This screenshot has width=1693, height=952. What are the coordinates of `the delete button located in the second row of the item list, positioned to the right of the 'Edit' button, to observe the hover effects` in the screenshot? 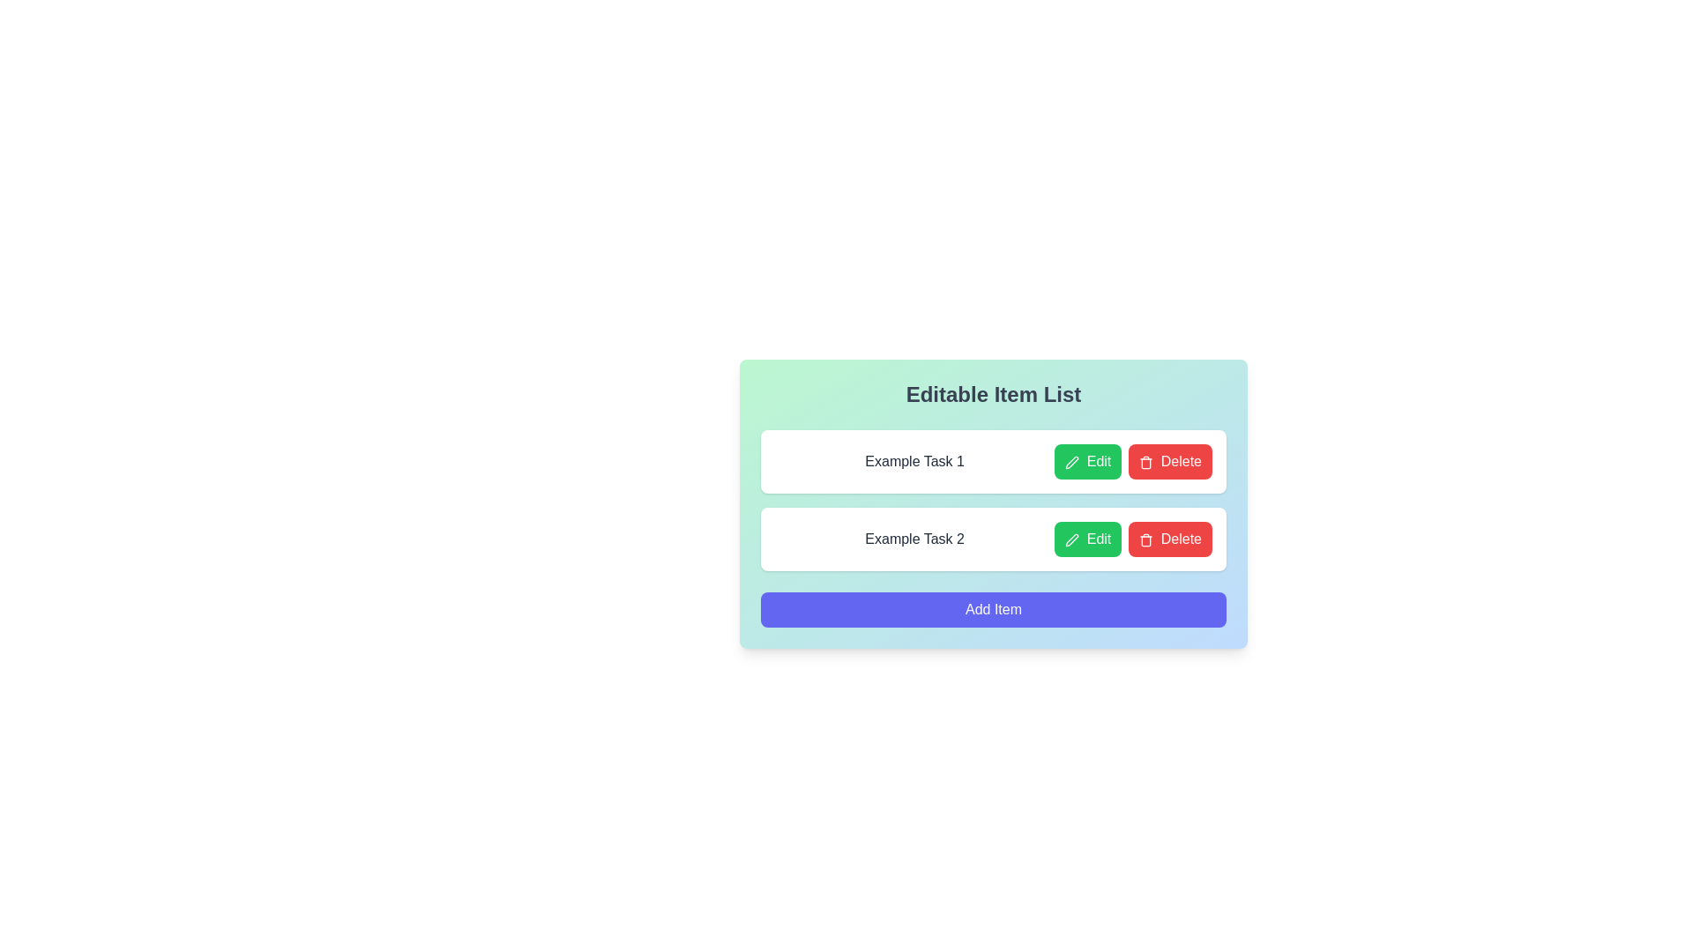 It's located at (1170, 539).